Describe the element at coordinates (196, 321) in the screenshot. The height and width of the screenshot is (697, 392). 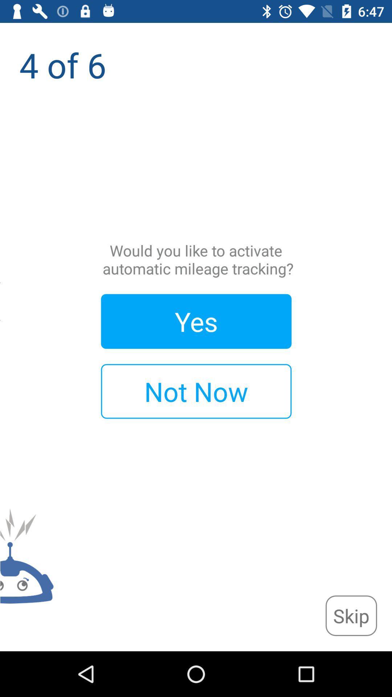
I see `button above the not now button` at that location.